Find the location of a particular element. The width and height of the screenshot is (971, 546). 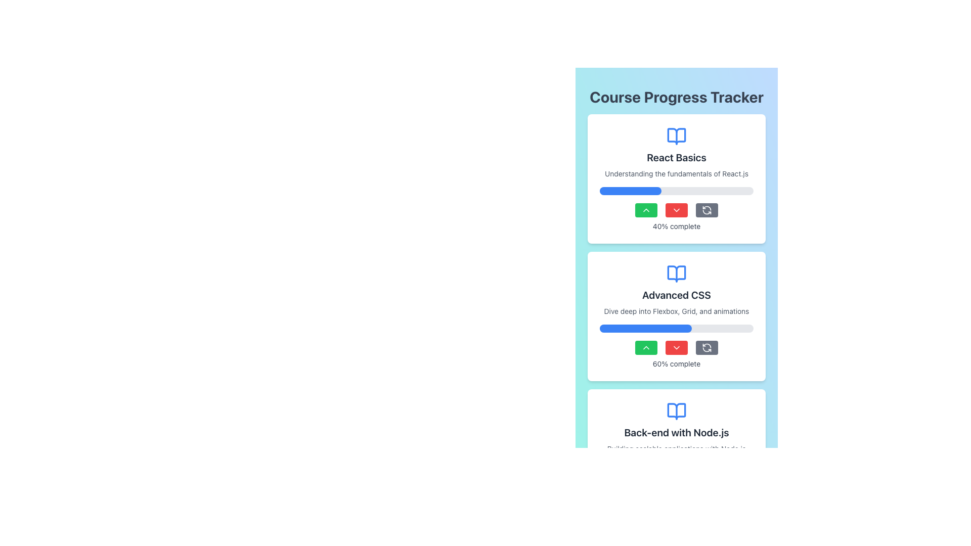

the downwards-facing chevron icon with a red background, located in the second section of the 'Advanced CSS' list is located at coordinates (677, 347).